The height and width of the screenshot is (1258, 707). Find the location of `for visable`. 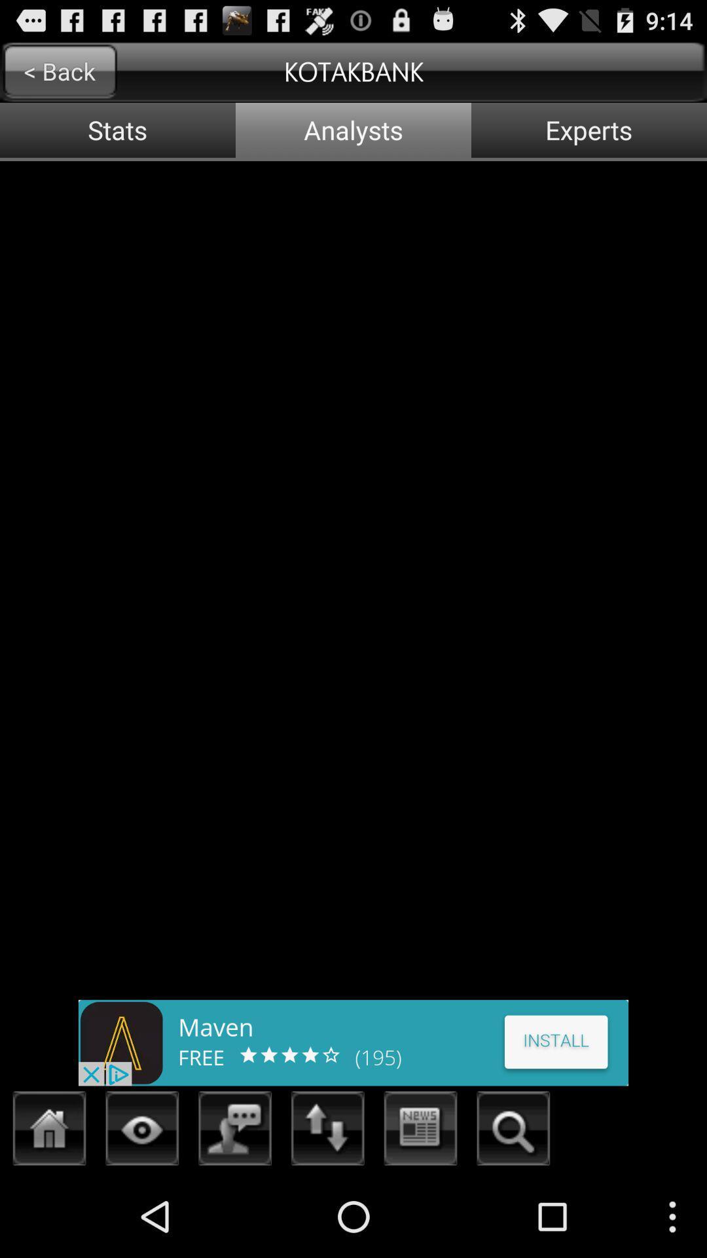

for visable is located at coordinates (142, 1132).